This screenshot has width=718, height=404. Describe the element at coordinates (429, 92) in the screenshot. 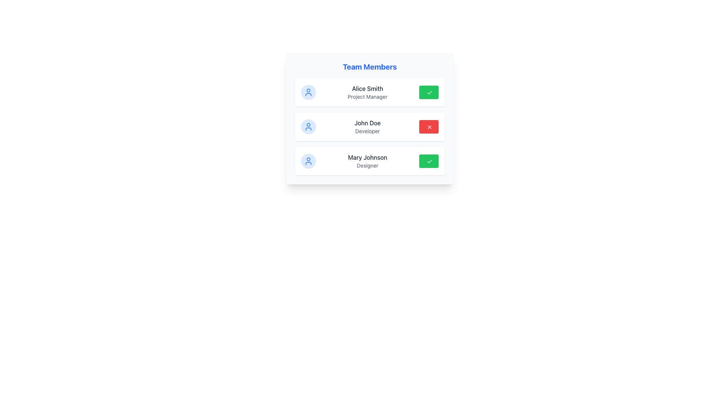

I see `the small checkmark icon with a circular outline located within the green rectangular button corresponding to the 'Alice Smith' entry in the 'Team Members' section` at that location.